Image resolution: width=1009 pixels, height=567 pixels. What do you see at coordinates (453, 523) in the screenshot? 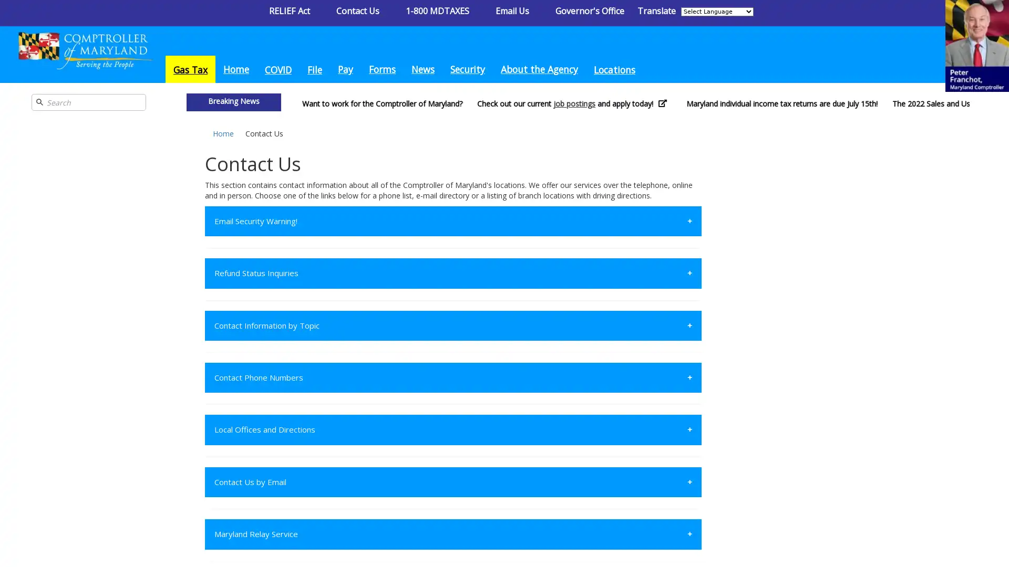
I see `Contact Estate and Inheritance Taxes +` at bounding box center [453, 523].